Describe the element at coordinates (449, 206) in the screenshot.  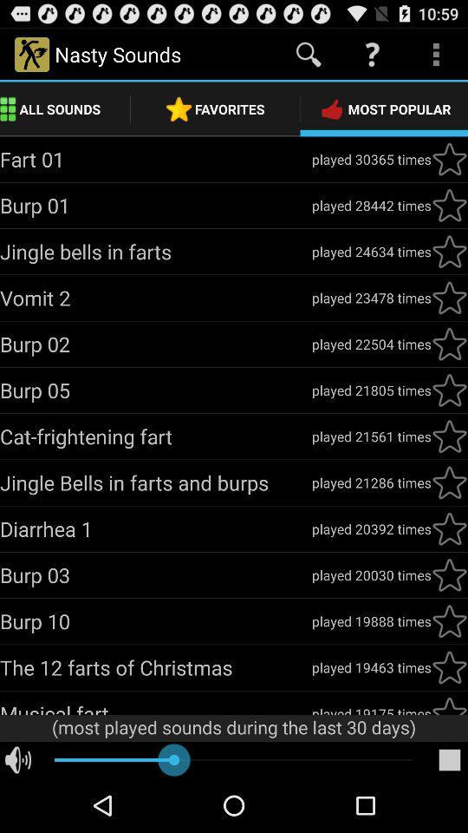
I see `click the rating symbol` at that location.